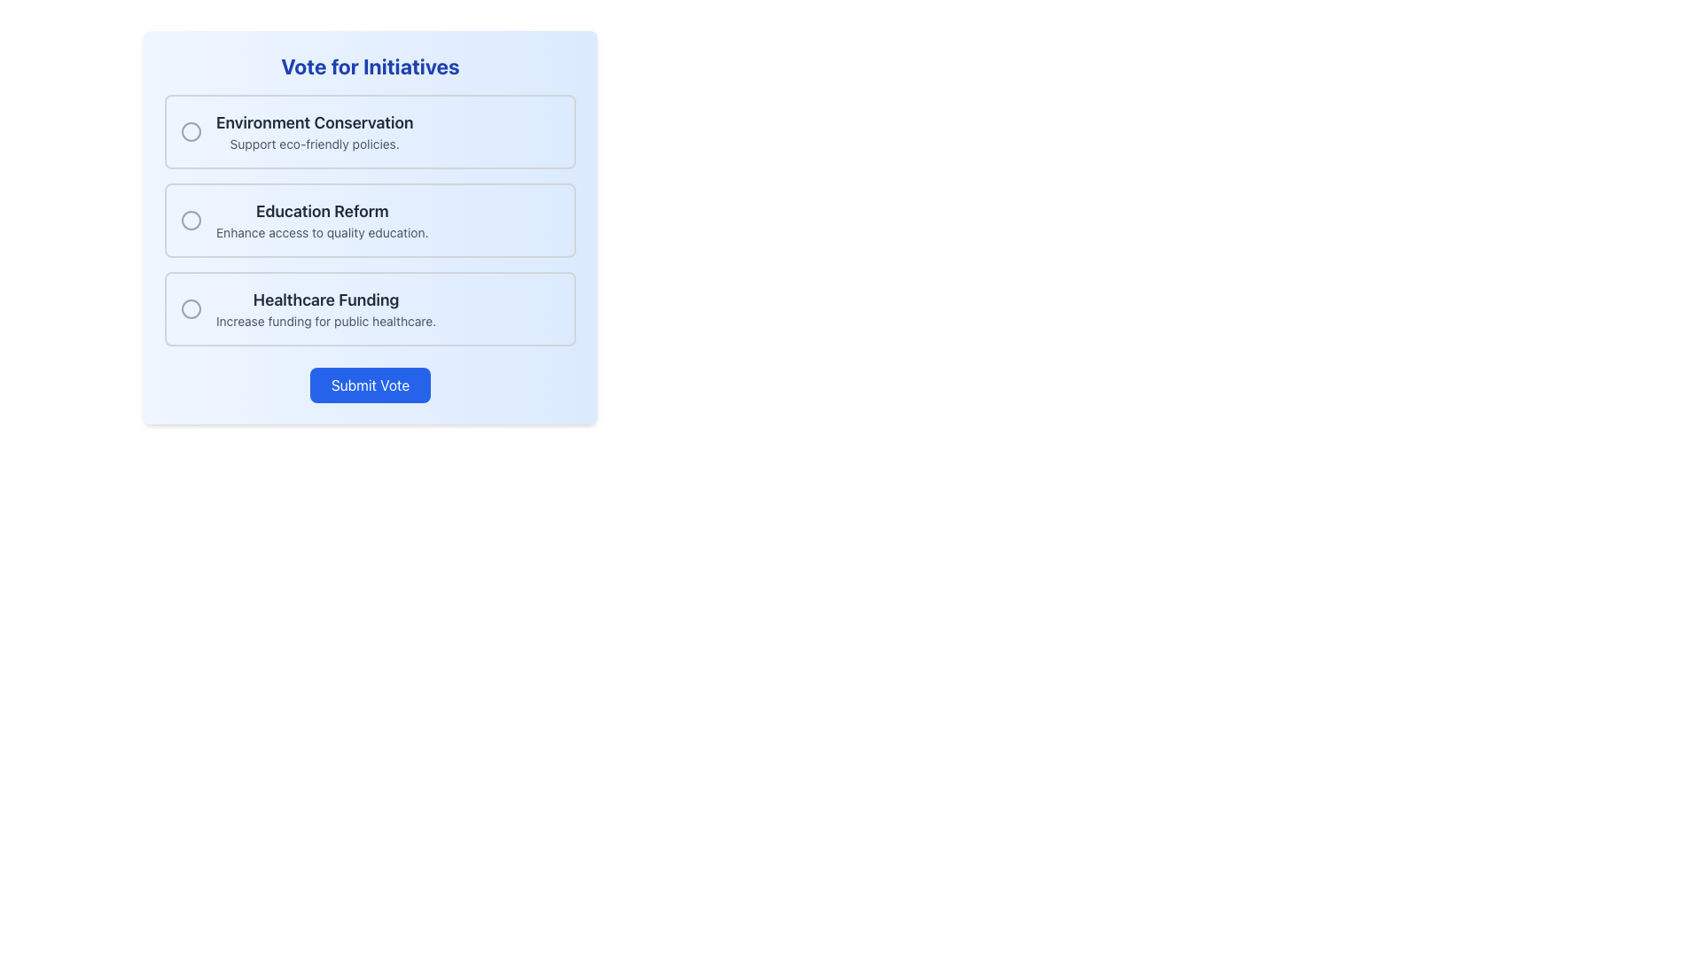  Describe the element at coordinates (326, 321) in the screenshot. I see `descriptive text label that states 'Increase funding for public healthcare.' located below the title 'Healthcare Funding' in the 'Vote for Initiatives' interface` at that location.